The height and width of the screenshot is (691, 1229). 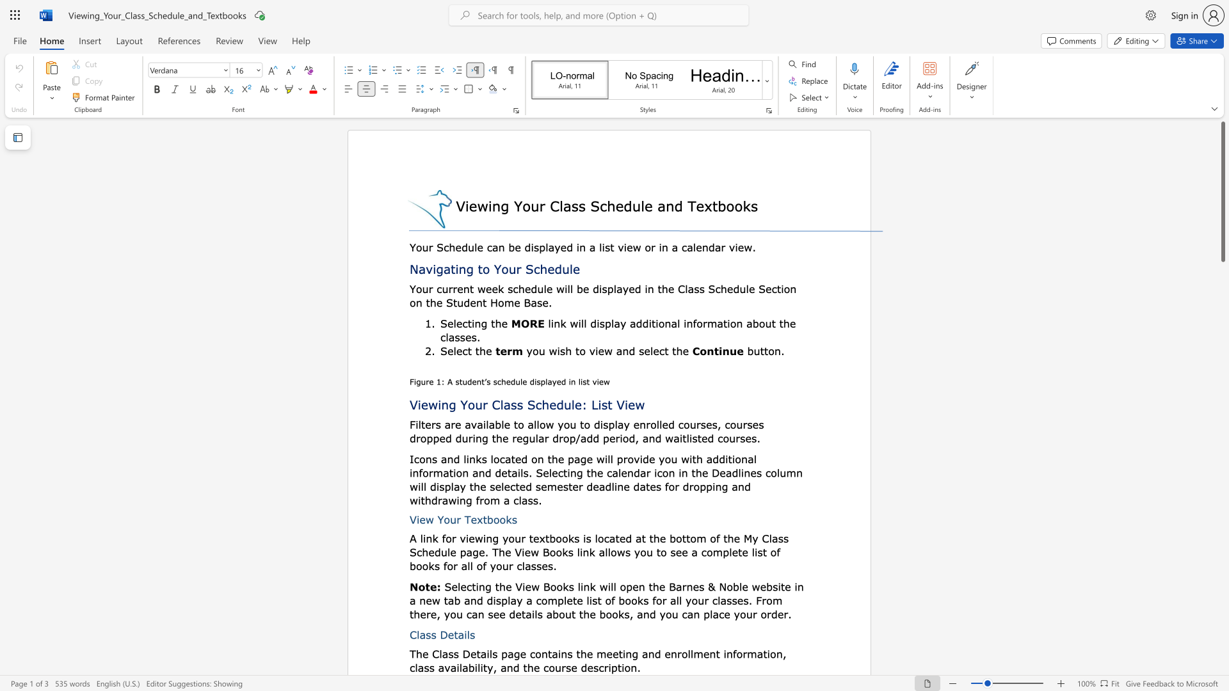 What do you see at coordinates (1222, 658) in the screenshot?
I see `the scrollbar on the side` at bounding box center [1222, 658].